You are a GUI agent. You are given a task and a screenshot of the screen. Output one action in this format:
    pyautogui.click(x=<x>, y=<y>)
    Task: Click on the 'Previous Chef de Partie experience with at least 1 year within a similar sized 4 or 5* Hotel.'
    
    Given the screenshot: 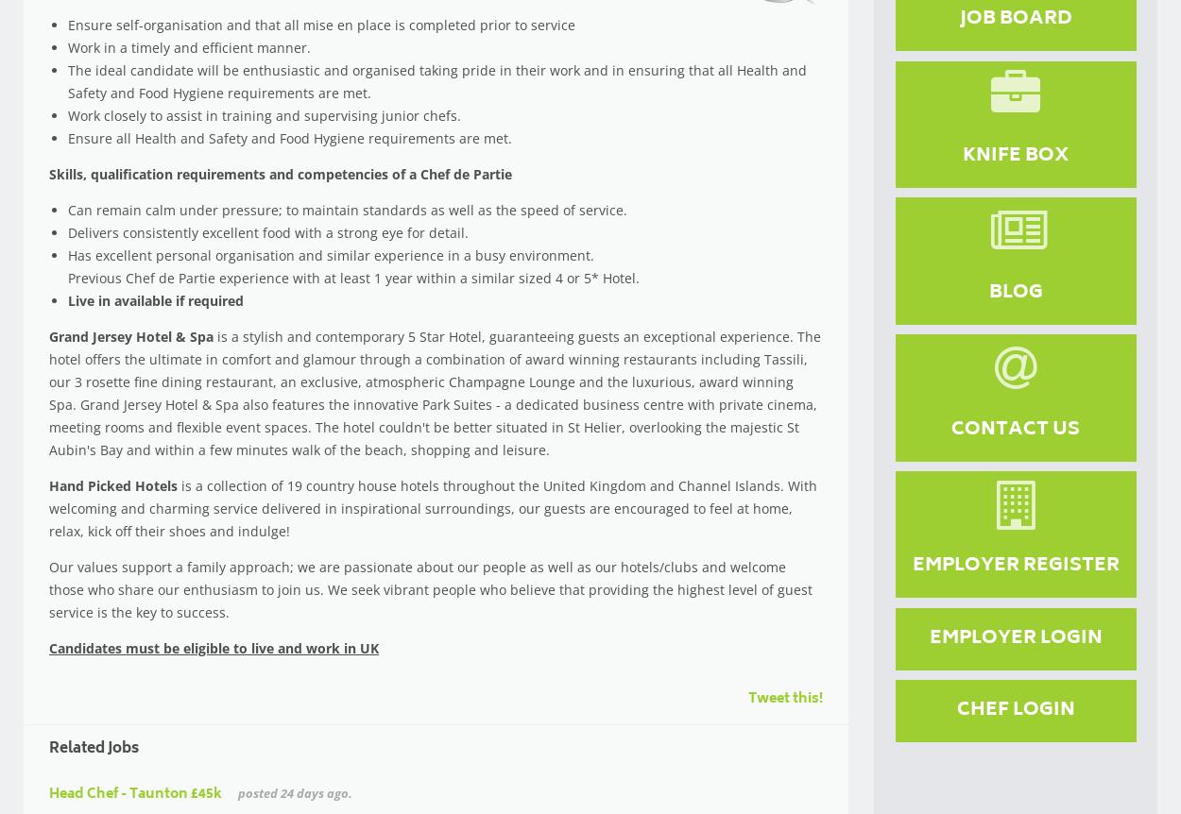 What is the action you would take?
    pyautogui.click(x=352, y=278)
    